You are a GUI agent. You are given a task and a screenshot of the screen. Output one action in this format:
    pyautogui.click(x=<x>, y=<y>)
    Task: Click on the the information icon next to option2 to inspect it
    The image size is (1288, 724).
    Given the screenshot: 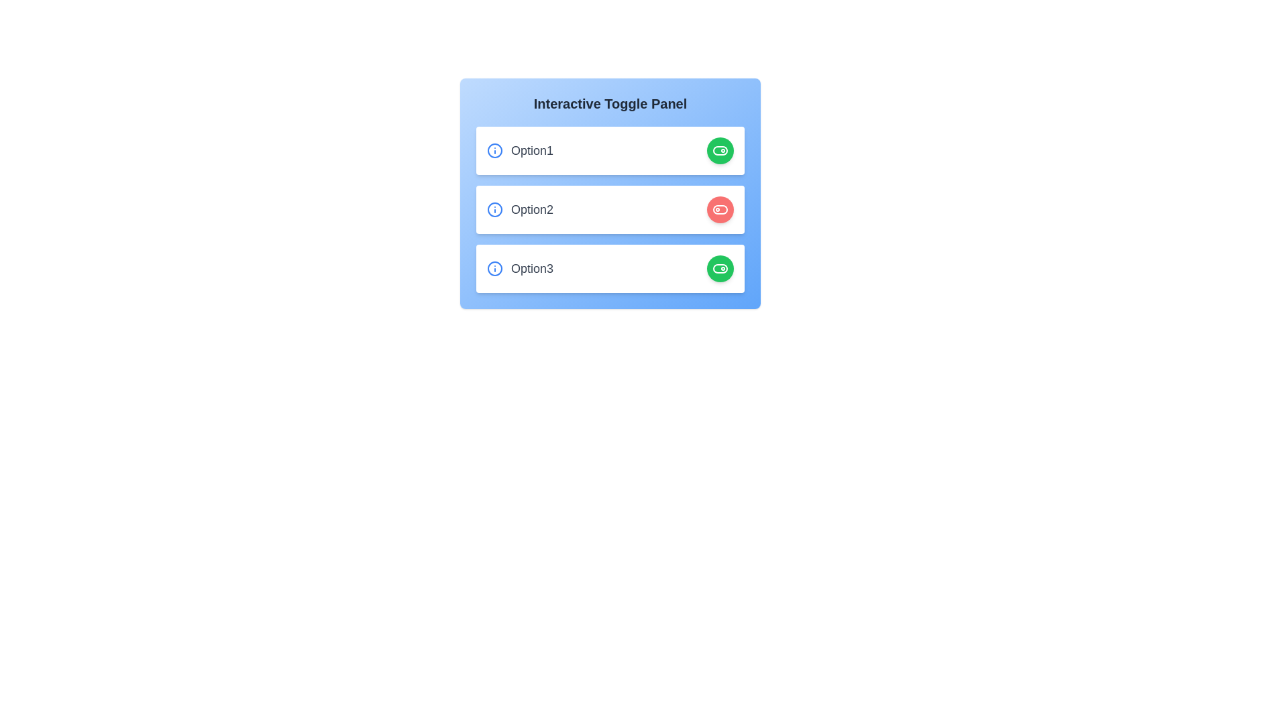 What is the action you would take?
    pyautogui.click(x=494, y=209)
    